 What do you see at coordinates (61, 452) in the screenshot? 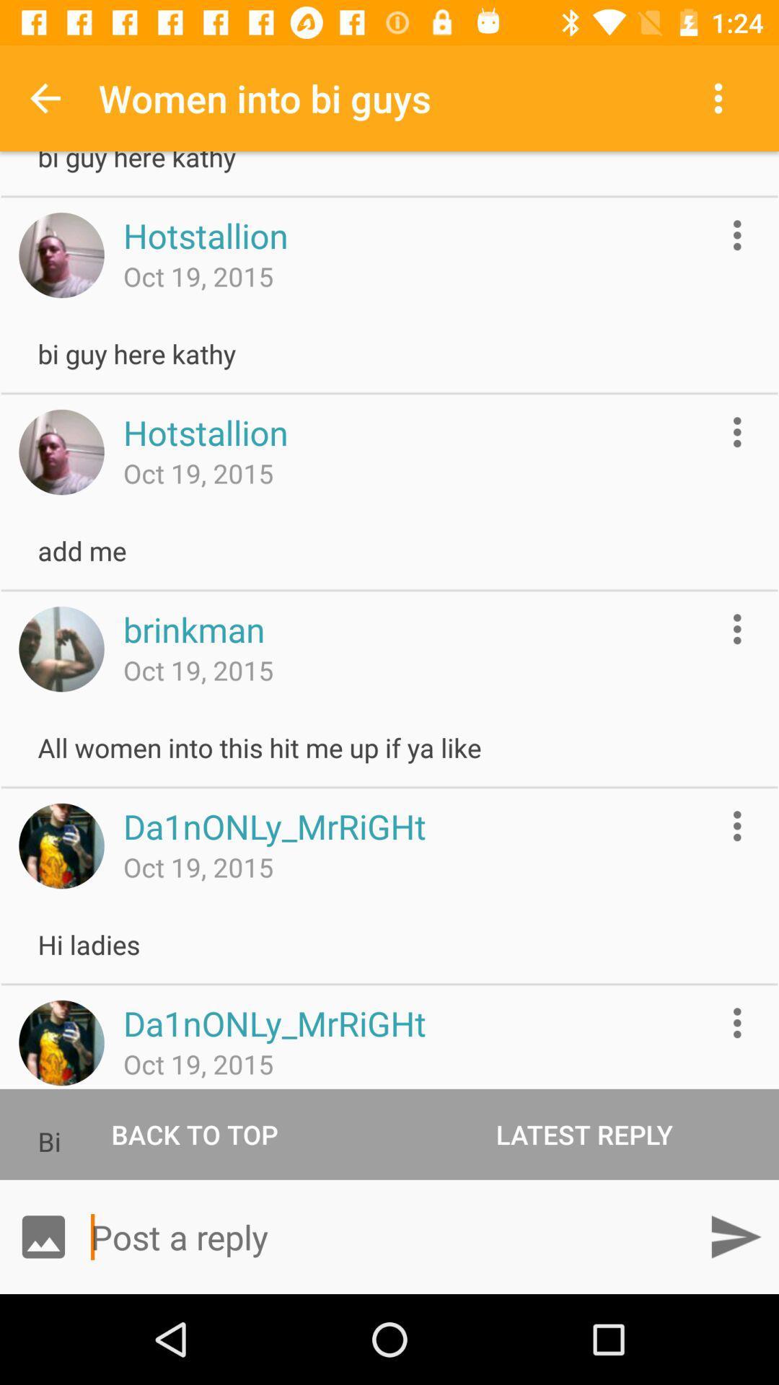
I see `access thumbnail` at bounding box center [61, 452].